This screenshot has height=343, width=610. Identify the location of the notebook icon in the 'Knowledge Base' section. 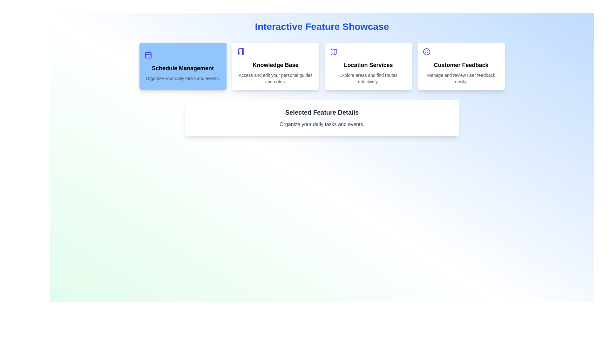
(241, 51).